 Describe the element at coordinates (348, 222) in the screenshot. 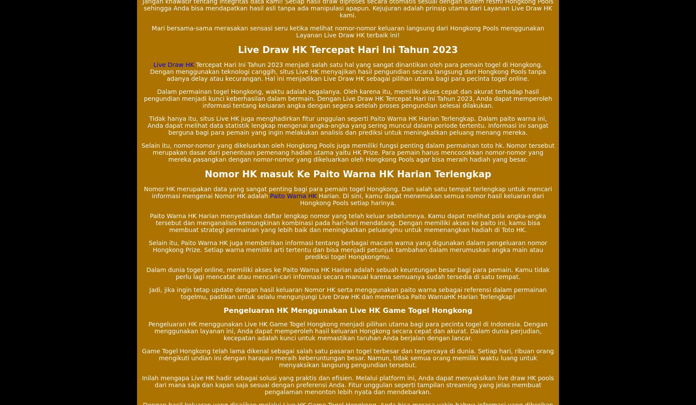

I see `'Paito Warna HK Harian menyediakan daftar lengkap nomor yang telah keluar sebelumnya. Kamu dapat melihat pola angka-angka tersebut dan menganalisis kemungkinan kombinasi pada hari-hari mendatang. Dengan memiliki akses ke paito ini, kamu bisa membuat strategi permainan yang lebih baik dan meningkatkan peluangmu untuk memenangkan hadiah di Toto HK.'` at that location.